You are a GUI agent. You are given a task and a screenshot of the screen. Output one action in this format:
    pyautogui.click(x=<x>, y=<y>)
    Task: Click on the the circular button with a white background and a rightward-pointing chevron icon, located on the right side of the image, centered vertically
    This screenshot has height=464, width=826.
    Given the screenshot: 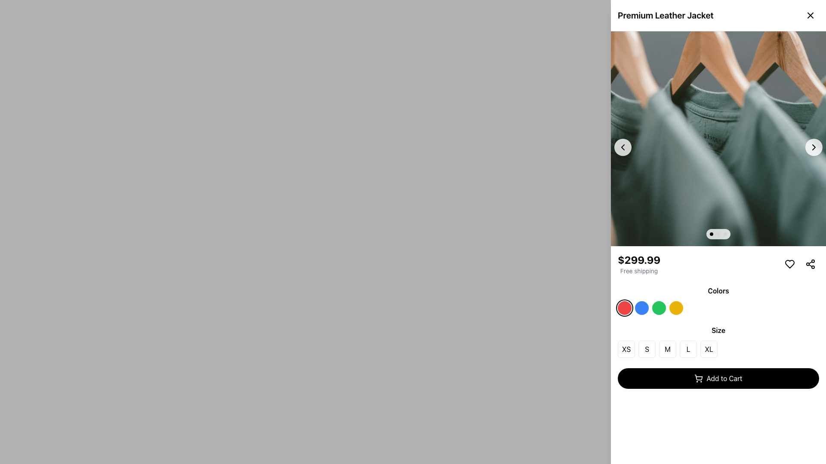 What is the action you would take?
    pyautogui.click(x=813, y=147)
    